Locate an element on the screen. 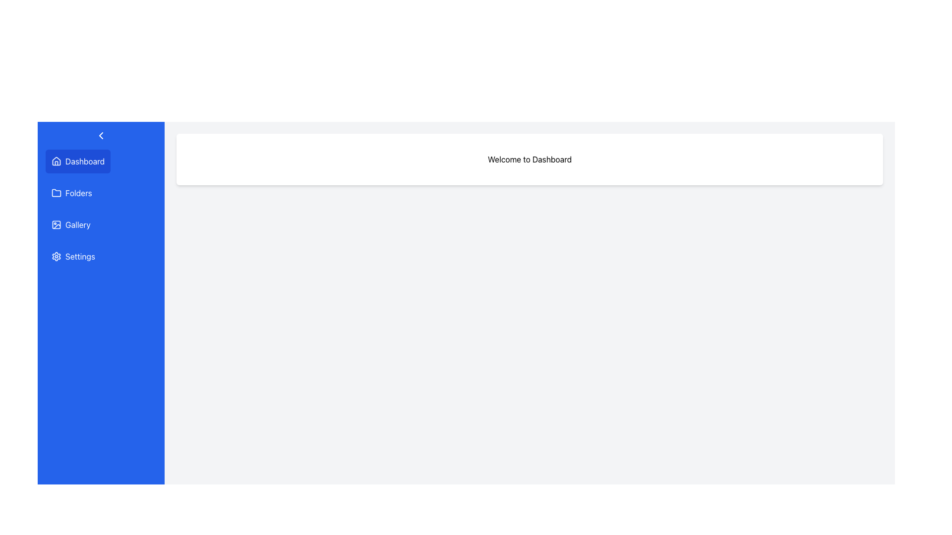  the folder icon located in the vertical list of menu items on the blue sidebar, which is the second icon from the top and is associated with the 'Folders' label is located at coordinates (56, 193).